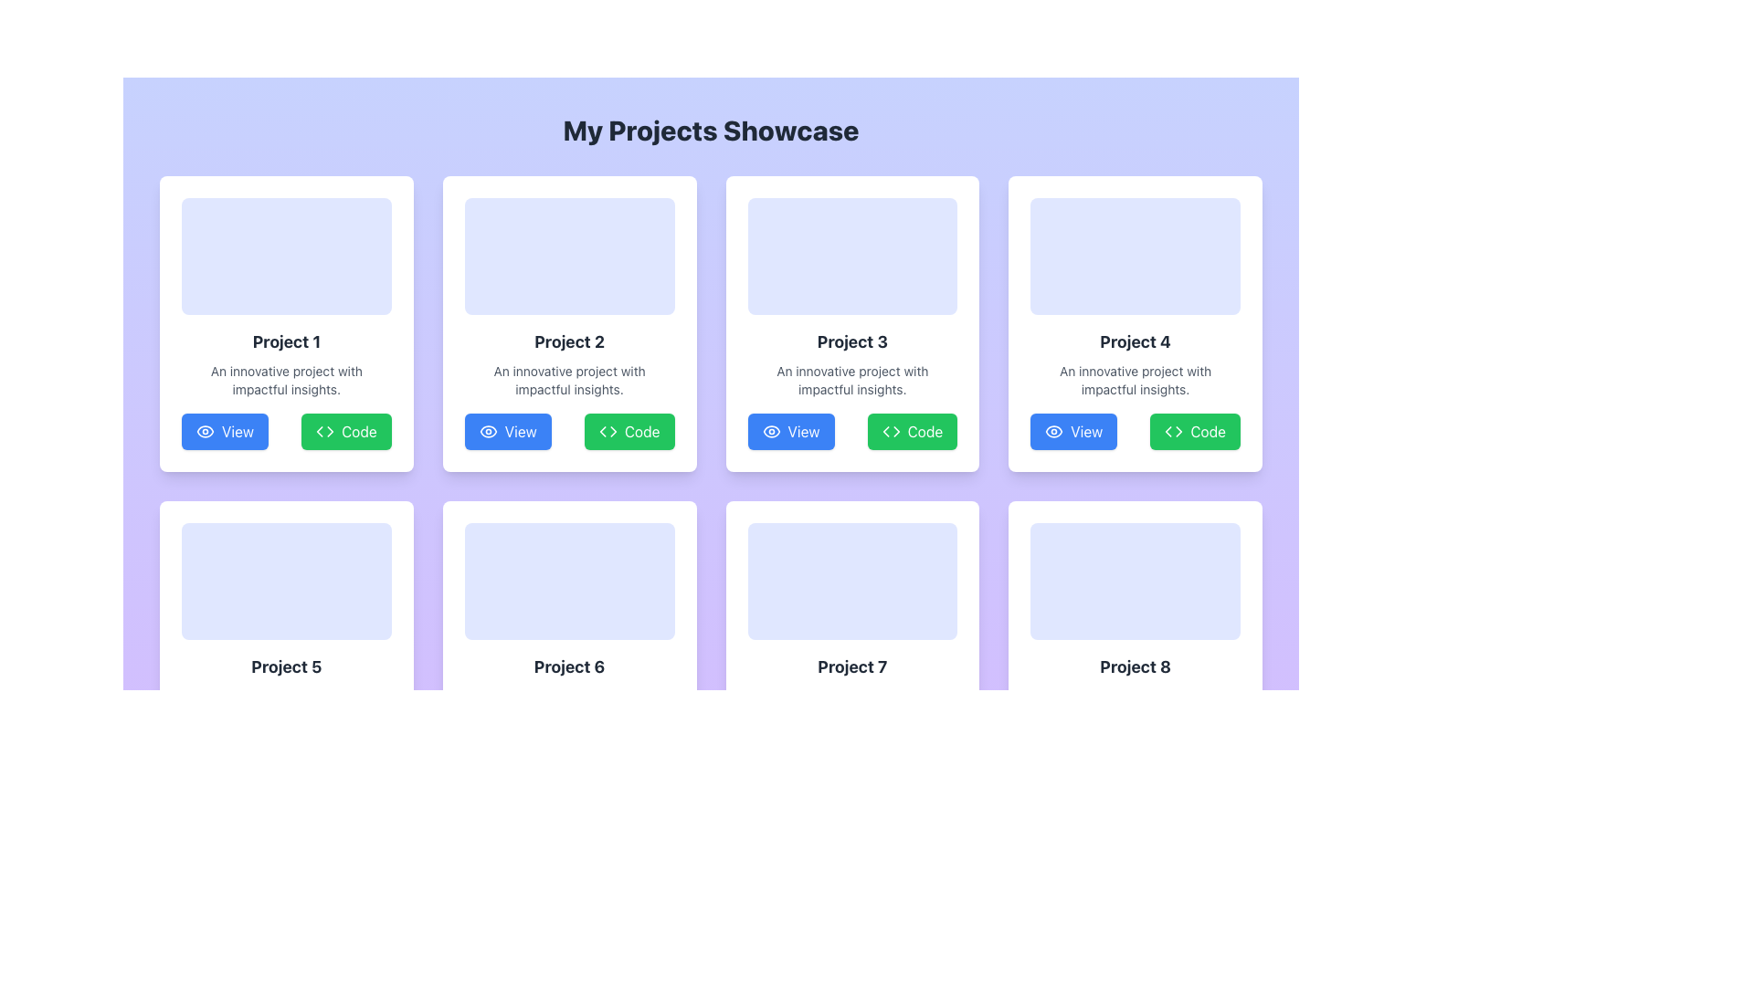 The height and width of the screenshot is (986, 1754). Describe the element at coordinates (1174, 432) in the screenshot. I see `the code symbol icon embedded within the green button located in the bottom-right corner of the 'Project 4' card in the top-right corner of the grid of project cards` at that location.